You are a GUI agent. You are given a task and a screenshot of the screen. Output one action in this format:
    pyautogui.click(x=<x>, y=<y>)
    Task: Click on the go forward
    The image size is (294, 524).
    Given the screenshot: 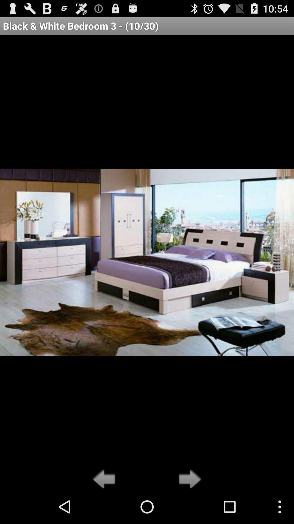 What is the action you would take?
    pyautogui.click(x=188, y=479)
    